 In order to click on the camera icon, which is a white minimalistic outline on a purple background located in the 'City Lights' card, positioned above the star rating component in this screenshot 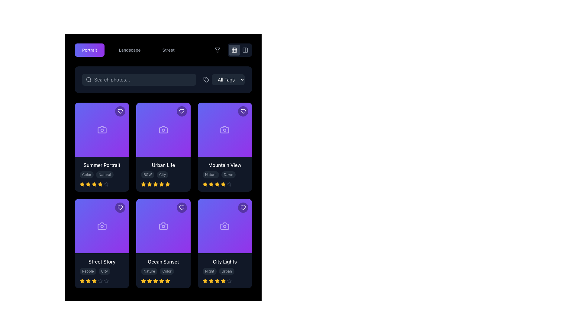, I will do `click(224, 226)`.